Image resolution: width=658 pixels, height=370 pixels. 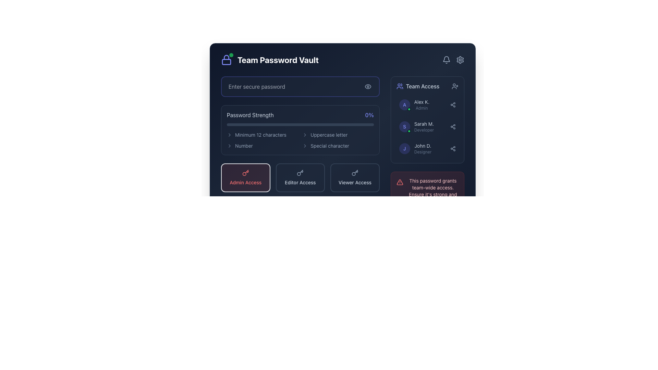 What do you see at coordinates (367, 86) in the screenshot?
I see `the eye icon button, which serves as a visibility toggle for the password input field` at bounding box center [367, 86].